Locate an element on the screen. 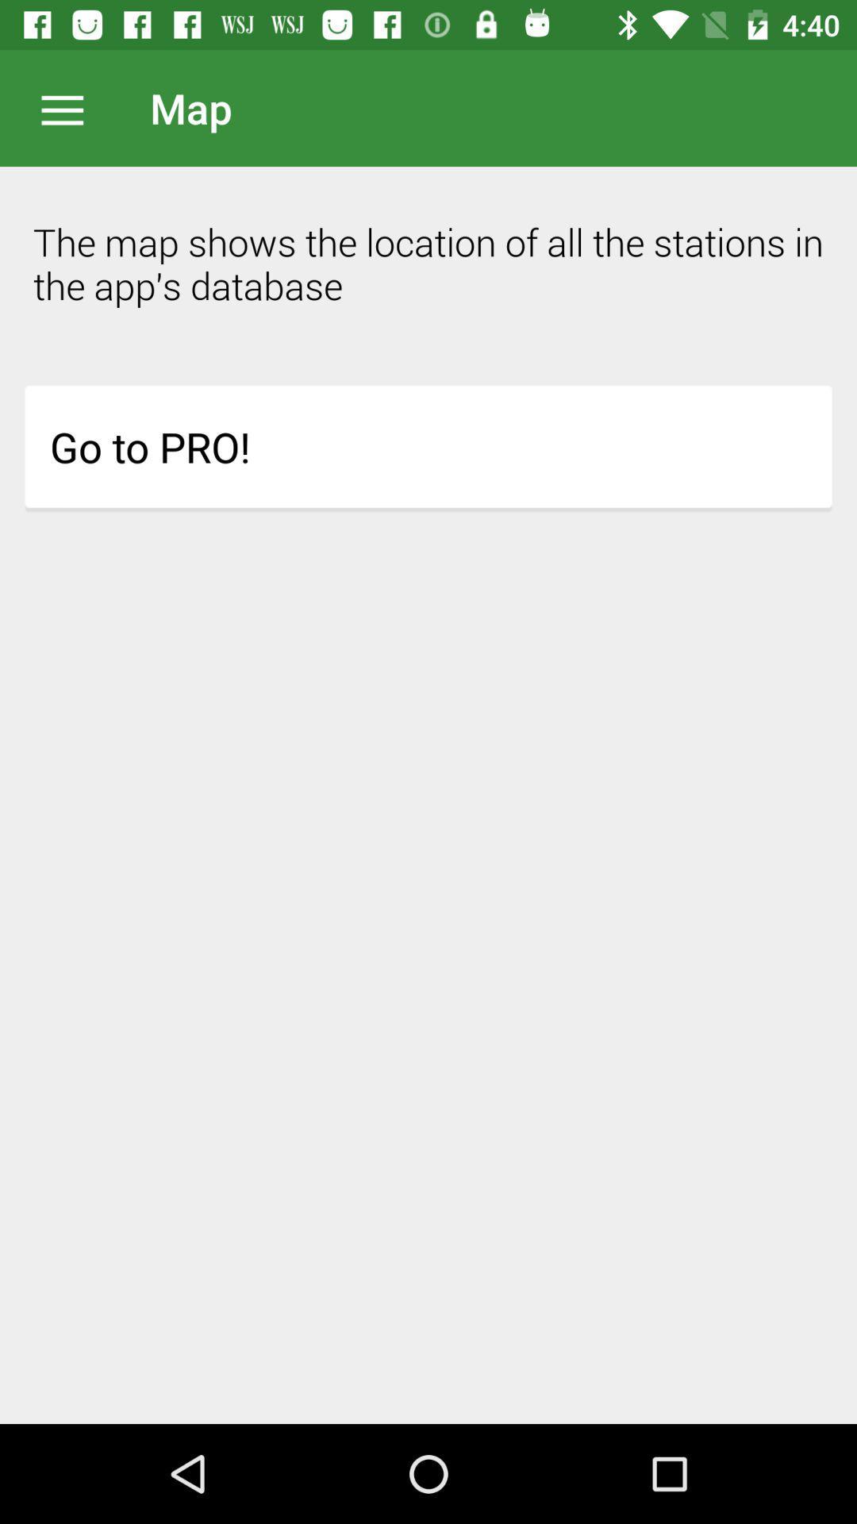 The height and width of the screenshot is (1524, 857). menu options is located at coordinates (70, 107).